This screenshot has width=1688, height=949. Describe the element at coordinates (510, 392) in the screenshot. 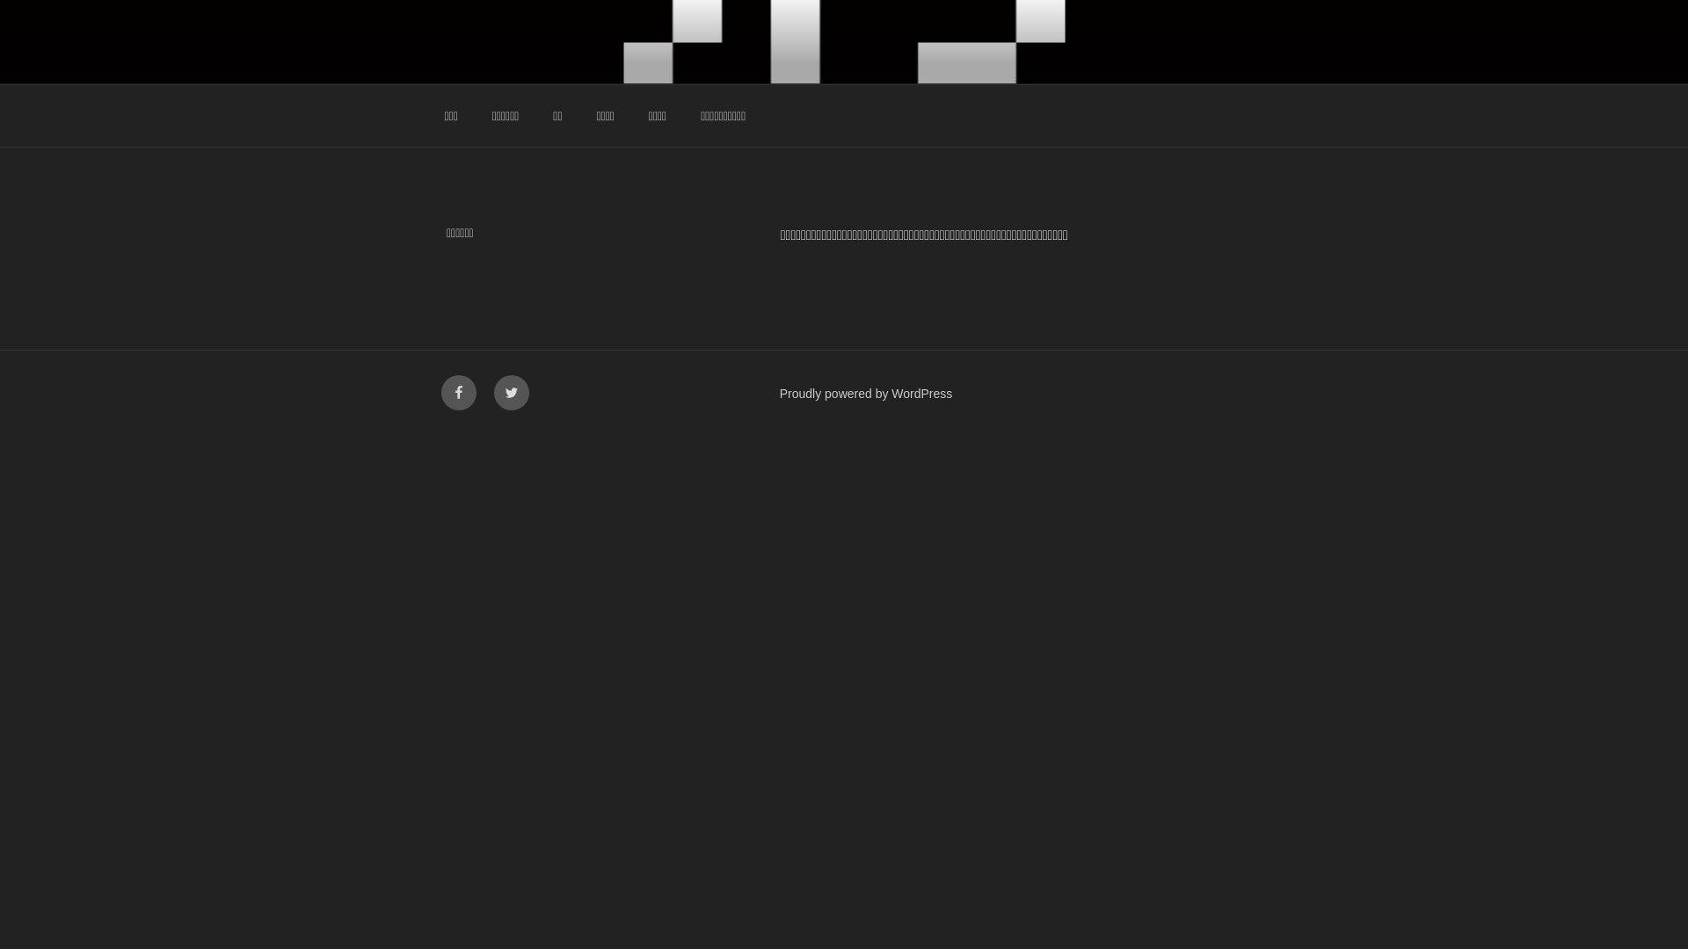

I see `'Twitter'` at that location.